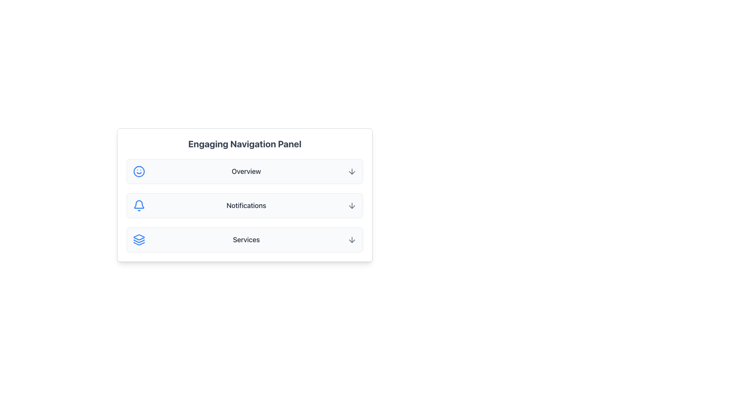  What do you see at coordinates (246, 240) in the screenshot?
I see `the 'Services' text label, which is a medium-sized, bold, gray-colored sans-serif font located in the third item of the vertical navigation panel` at bounding box center [246, 240].